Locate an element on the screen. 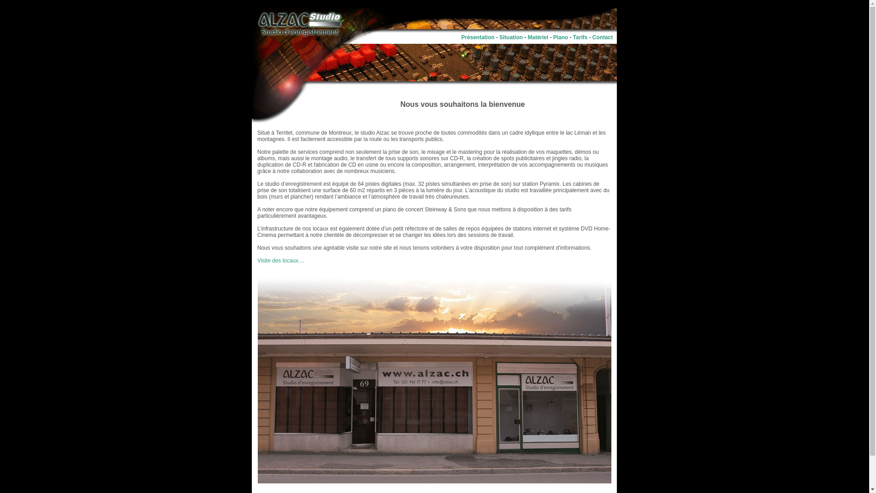 The height and width of the screenshot is (493, 876). 'Tarifs' is located at coordinates (573, 37).